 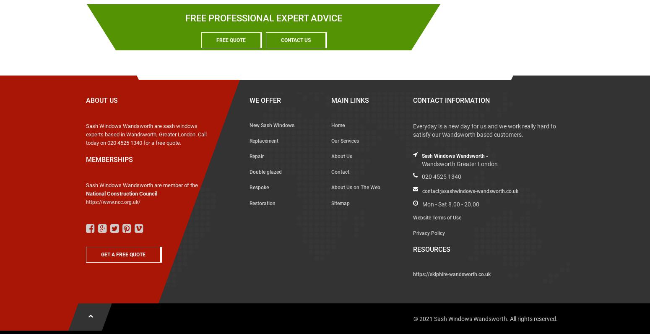 I want to click on '-', so click(x=158, y=193).